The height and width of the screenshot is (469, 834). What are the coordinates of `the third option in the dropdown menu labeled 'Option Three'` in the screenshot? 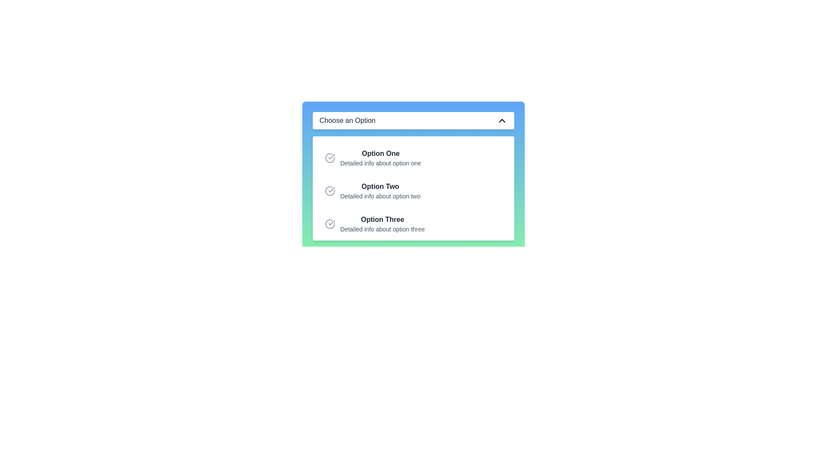 It's located at (382, 224).